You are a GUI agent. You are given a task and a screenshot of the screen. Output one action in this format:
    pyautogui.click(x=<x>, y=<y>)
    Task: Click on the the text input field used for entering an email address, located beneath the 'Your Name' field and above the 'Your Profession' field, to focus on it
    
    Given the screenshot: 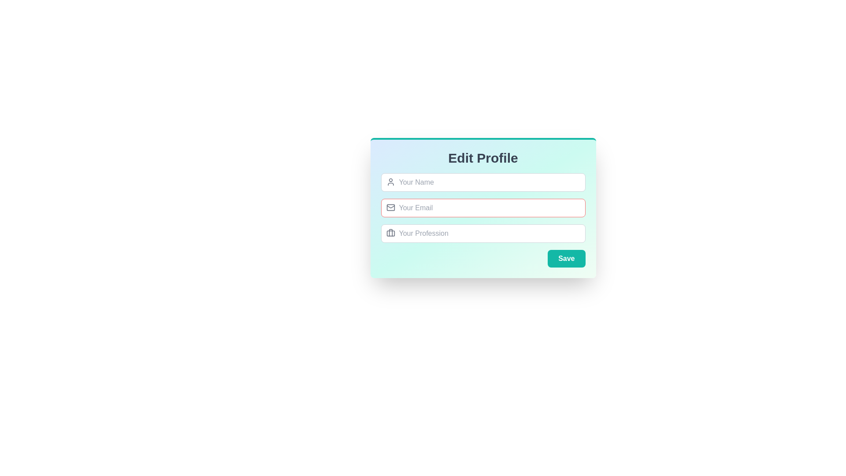 What is the action you would take?
    pyautogui.click(x=482, y=220)
    